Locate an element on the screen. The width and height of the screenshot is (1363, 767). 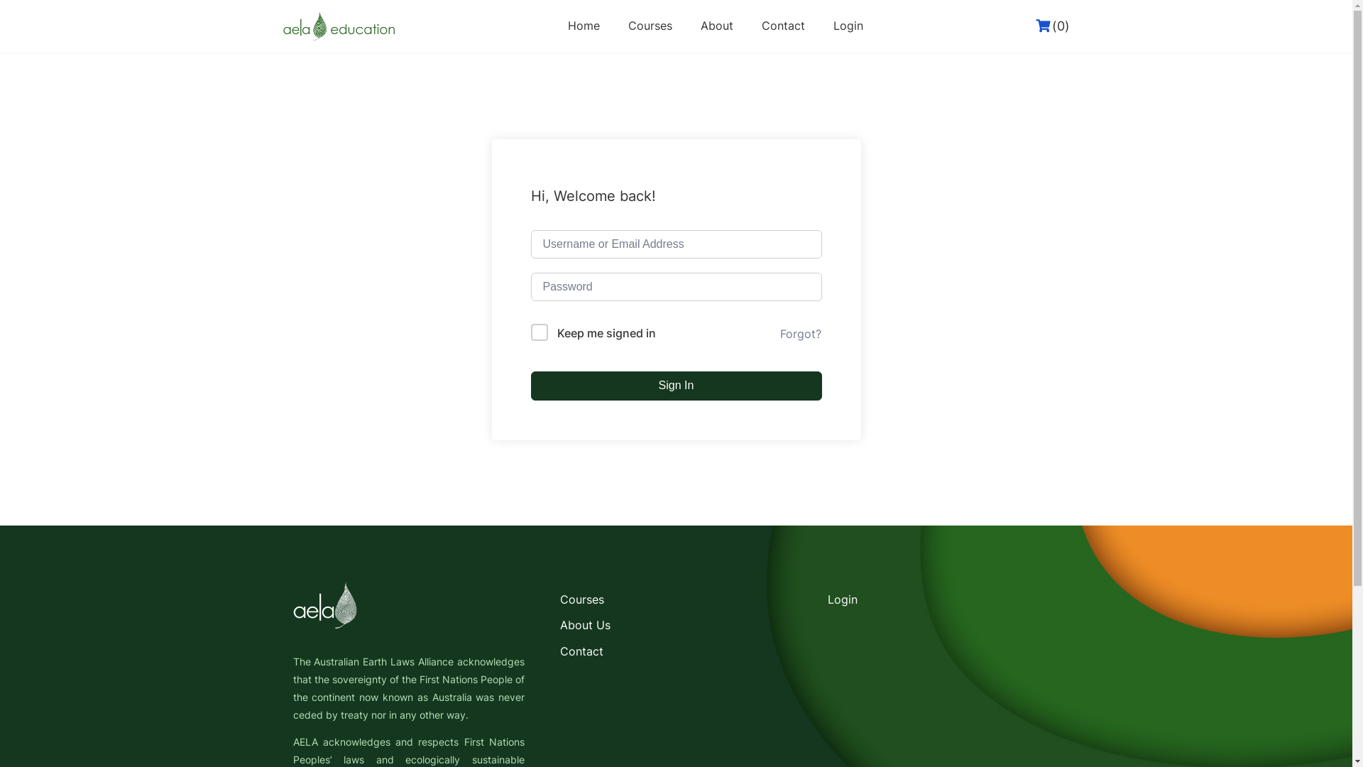
'Contact' is located at coordinates (581, 651).